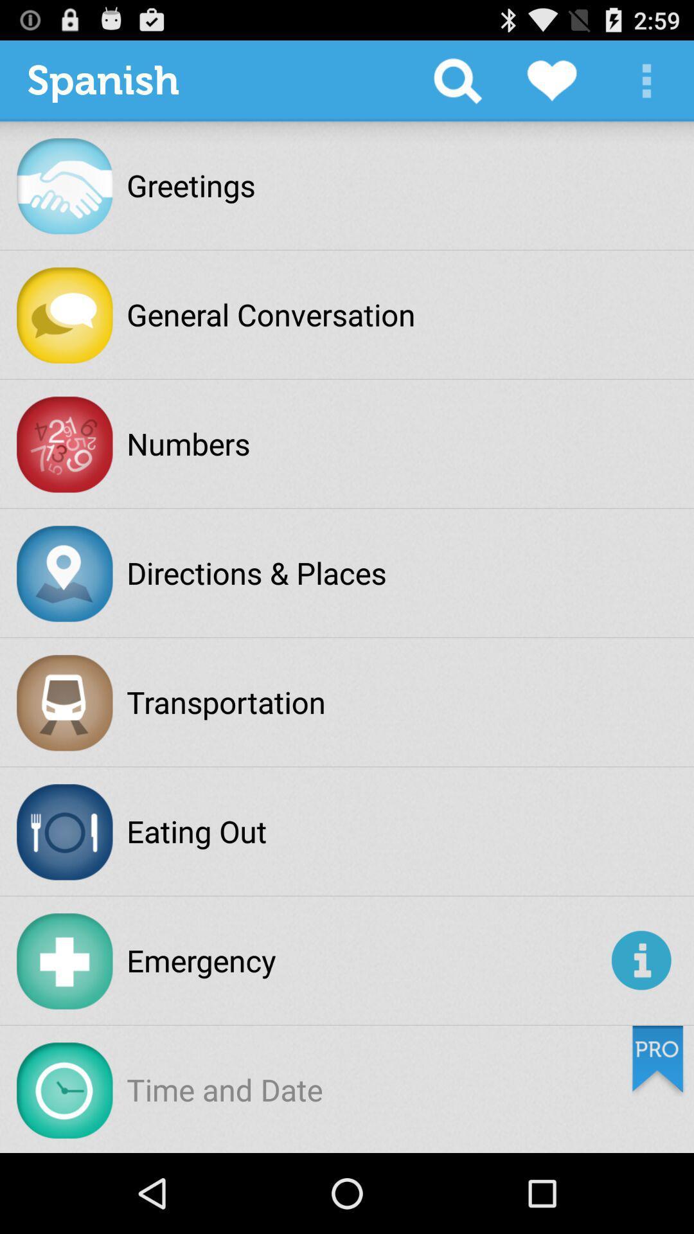  What do you see at coordinates (457, 80) in the screenshot?
I see `the app above the general conversation item` at bounding box center [457, 80].